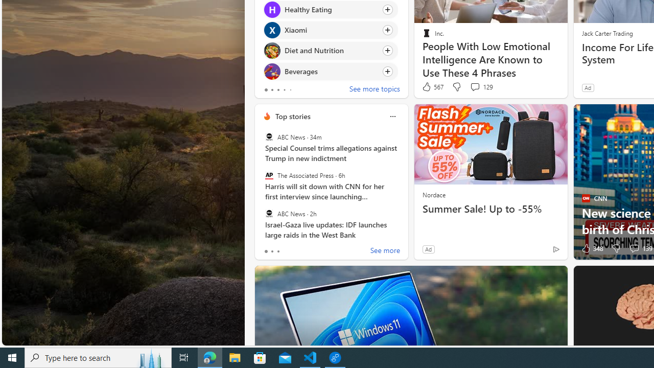 The height and width of the screenshot is (368, 654). Describe the element at coordinates (331, 51) in the screenshot. I see `'Click to follow topic Diet and Nutrition'` at that location.